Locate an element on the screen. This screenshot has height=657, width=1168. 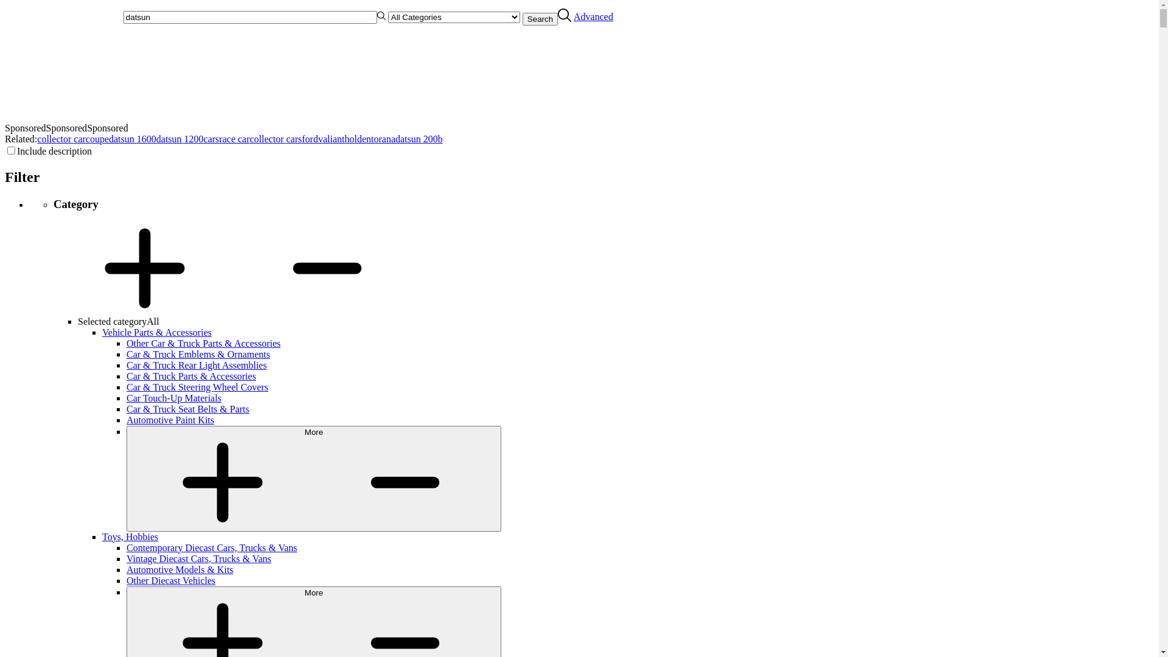
'Other Car & Truck Parts & Accessories' is located at coordinates (203, 343).